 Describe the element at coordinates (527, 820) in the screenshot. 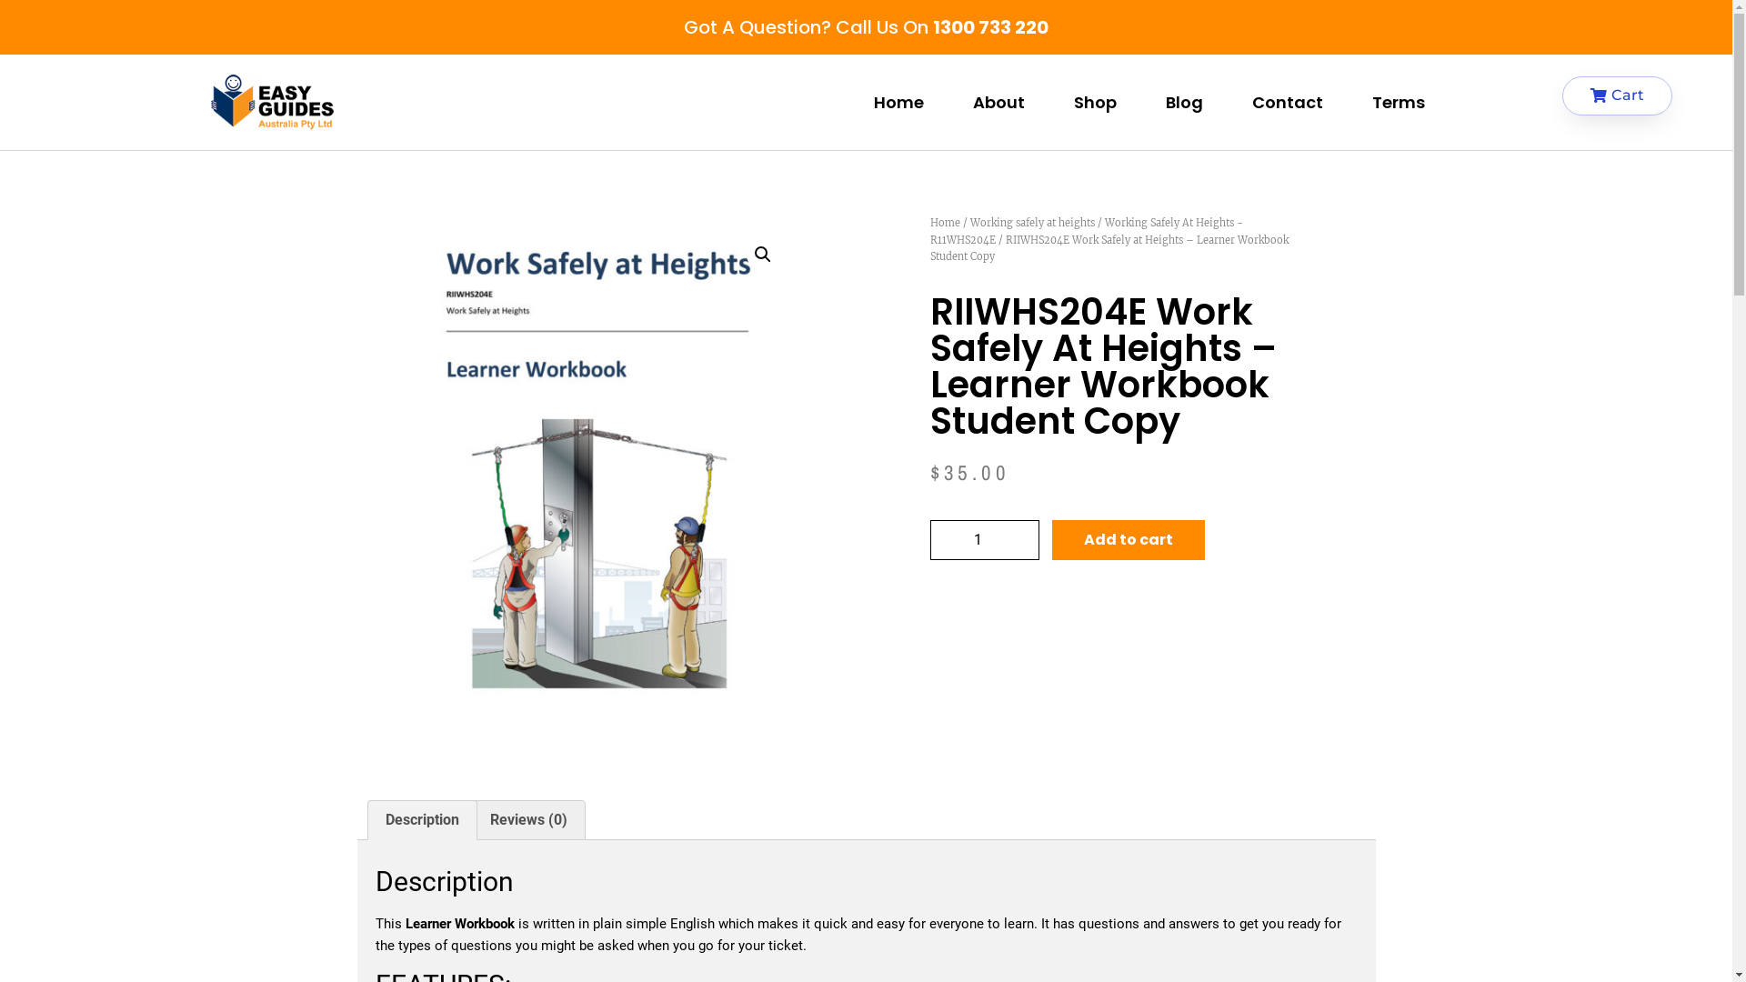

I see `'Reviews (0)'` at that location.